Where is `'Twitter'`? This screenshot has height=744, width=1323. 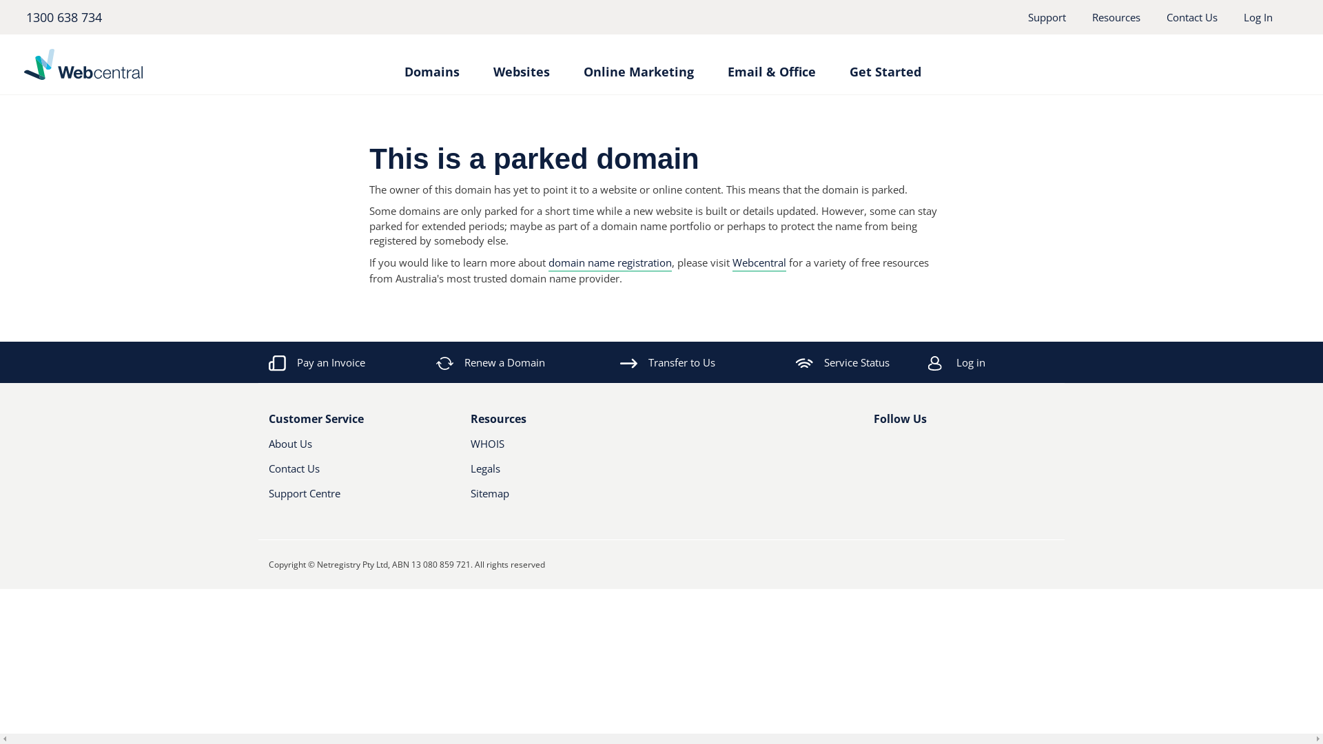
'Twitter' is located at coordinates (903, 449).